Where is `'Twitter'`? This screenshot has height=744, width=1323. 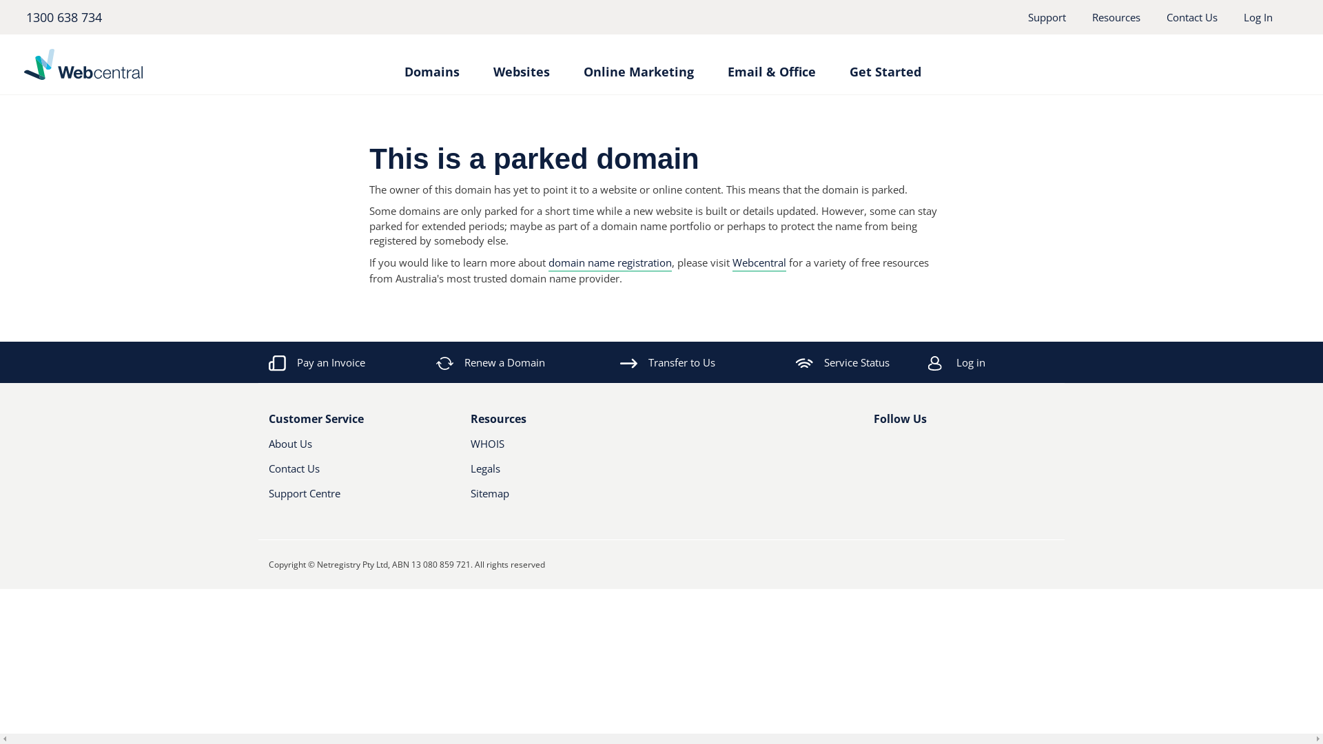
'Twitter' is located at coordinates (903, 449).